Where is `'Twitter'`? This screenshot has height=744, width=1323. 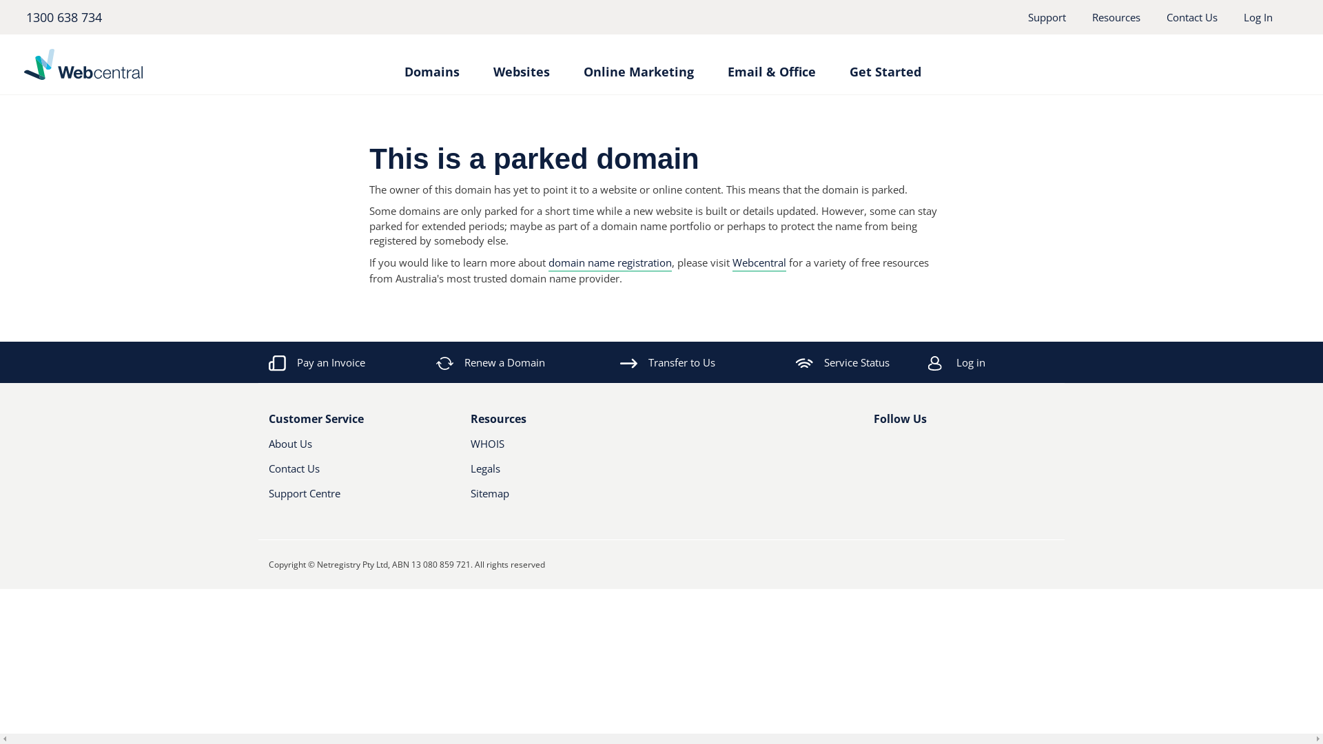
'Twitter' is located at coordinates (903, 449).